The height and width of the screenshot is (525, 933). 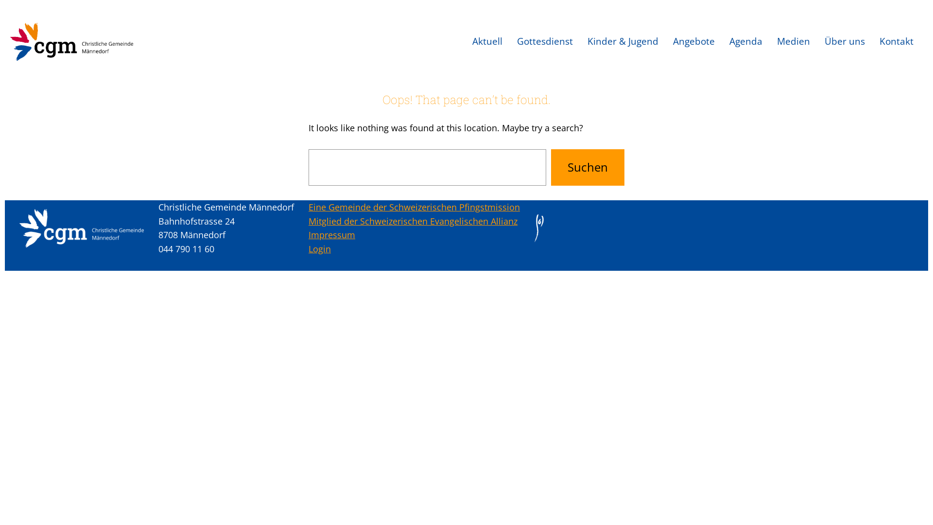 What do you see at coordinates (545, 41) in the screenshot?
I see `'Gottesdienst'` at bounding box center [545, 41].